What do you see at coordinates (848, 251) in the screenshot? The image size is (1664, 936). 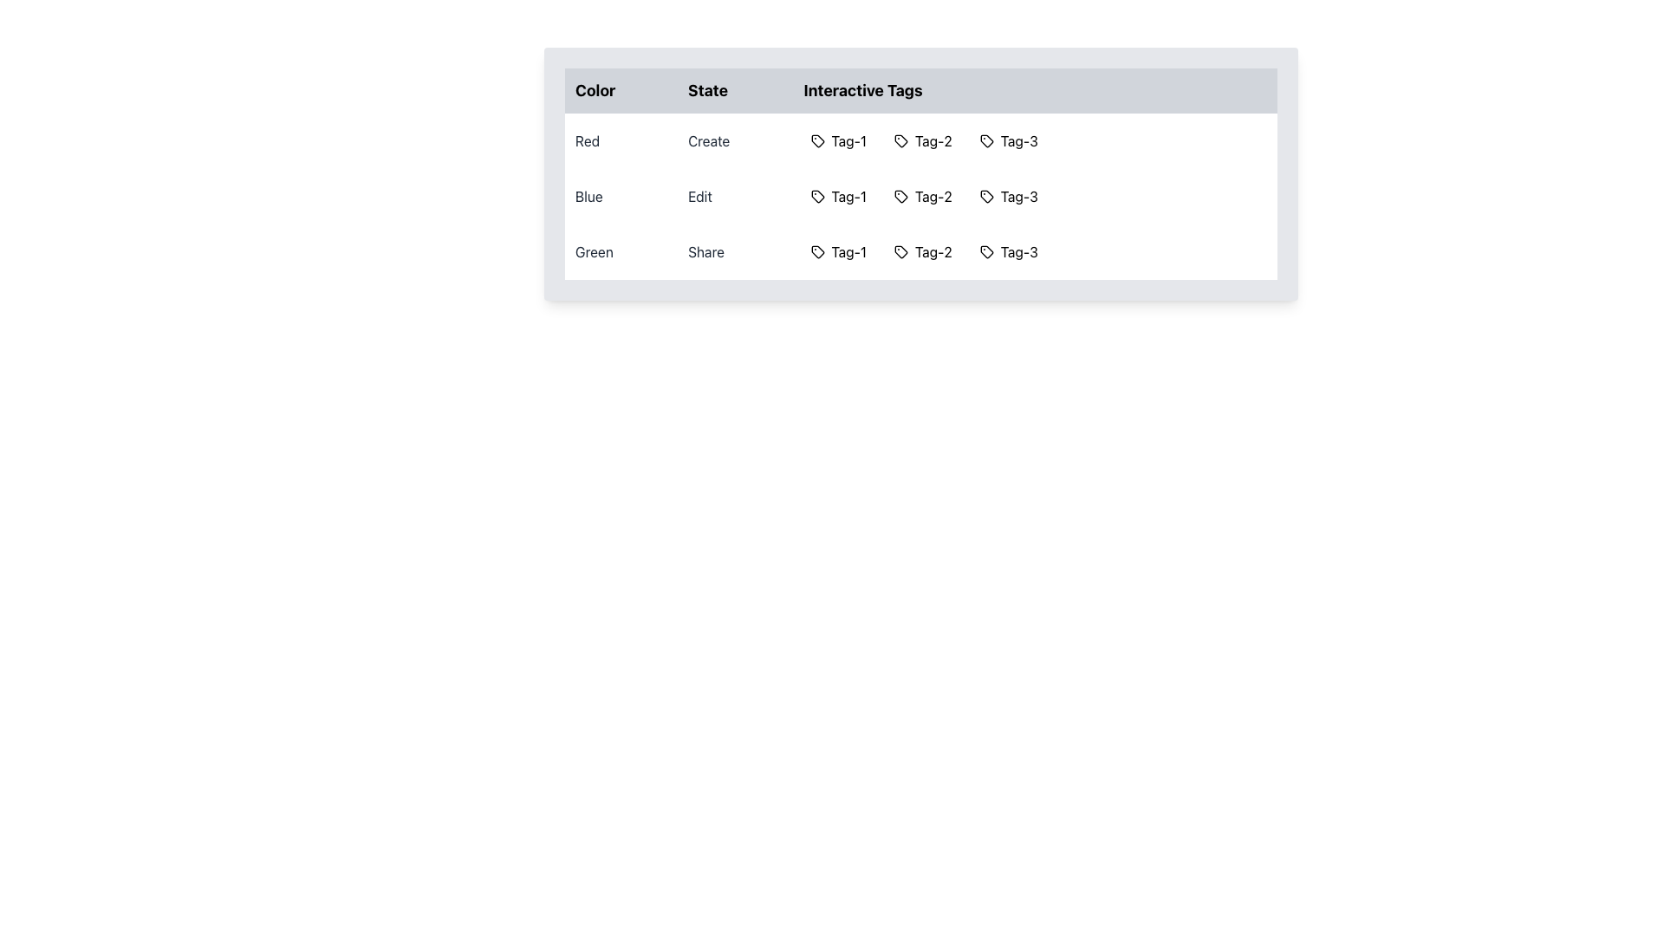 I see `the text label displaying 'Tag-1' in the 'Interactive Tags' column of the table with a light green background and rounded corners, corresponding to the 'Green' color and 'Share' state` at bounding box center [848, 251].